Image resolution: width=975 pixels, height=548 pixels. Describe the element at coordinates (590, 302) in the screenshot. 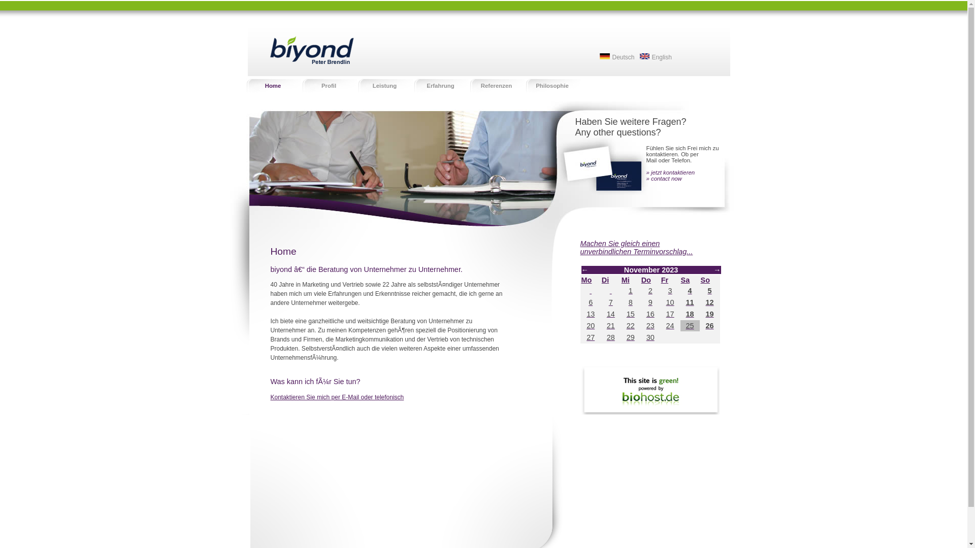

I see `'6'` at that location.